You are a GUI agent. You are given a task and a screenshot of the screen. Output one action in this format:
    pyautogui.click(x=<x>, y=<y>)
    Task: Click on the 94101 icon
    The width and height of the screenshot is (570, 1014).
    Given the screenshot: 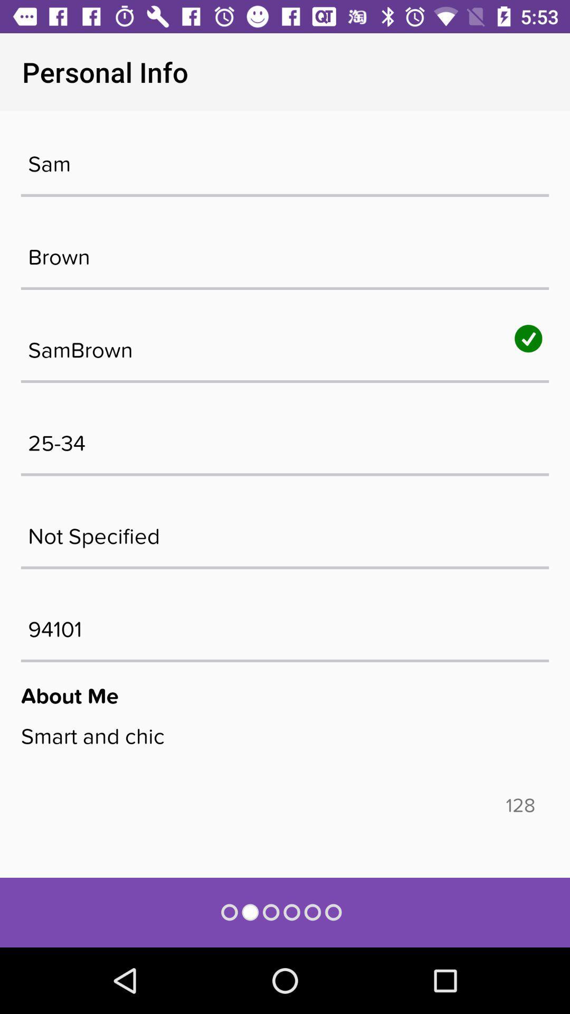 What is the action you would take?
    pyautogui.click(x=285, y=624)
    